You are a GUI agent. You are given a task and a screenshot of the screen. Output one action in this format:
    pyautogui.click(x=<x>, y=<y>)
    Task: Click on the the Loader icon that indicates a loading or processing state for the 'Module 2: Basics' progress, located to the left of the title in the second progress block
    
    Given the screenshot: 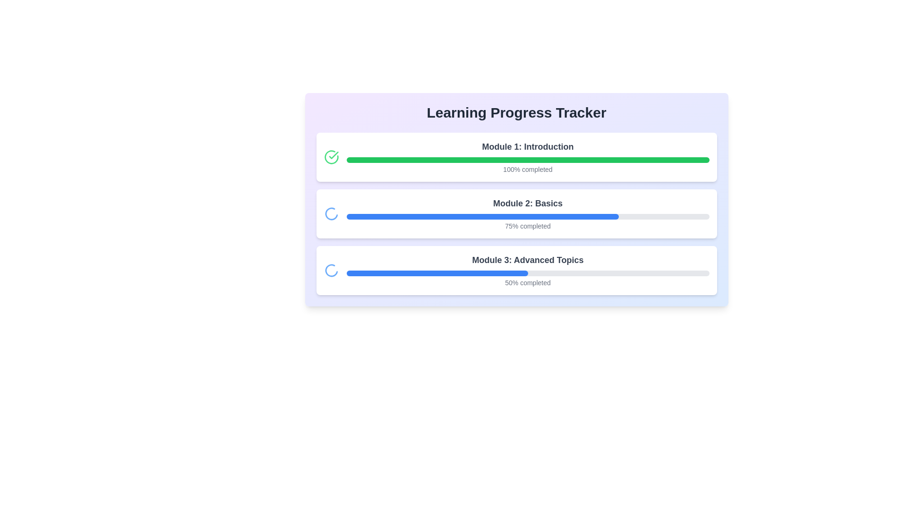 What is the action you would take?
    pyautogui.click(x=331, y=213)
    